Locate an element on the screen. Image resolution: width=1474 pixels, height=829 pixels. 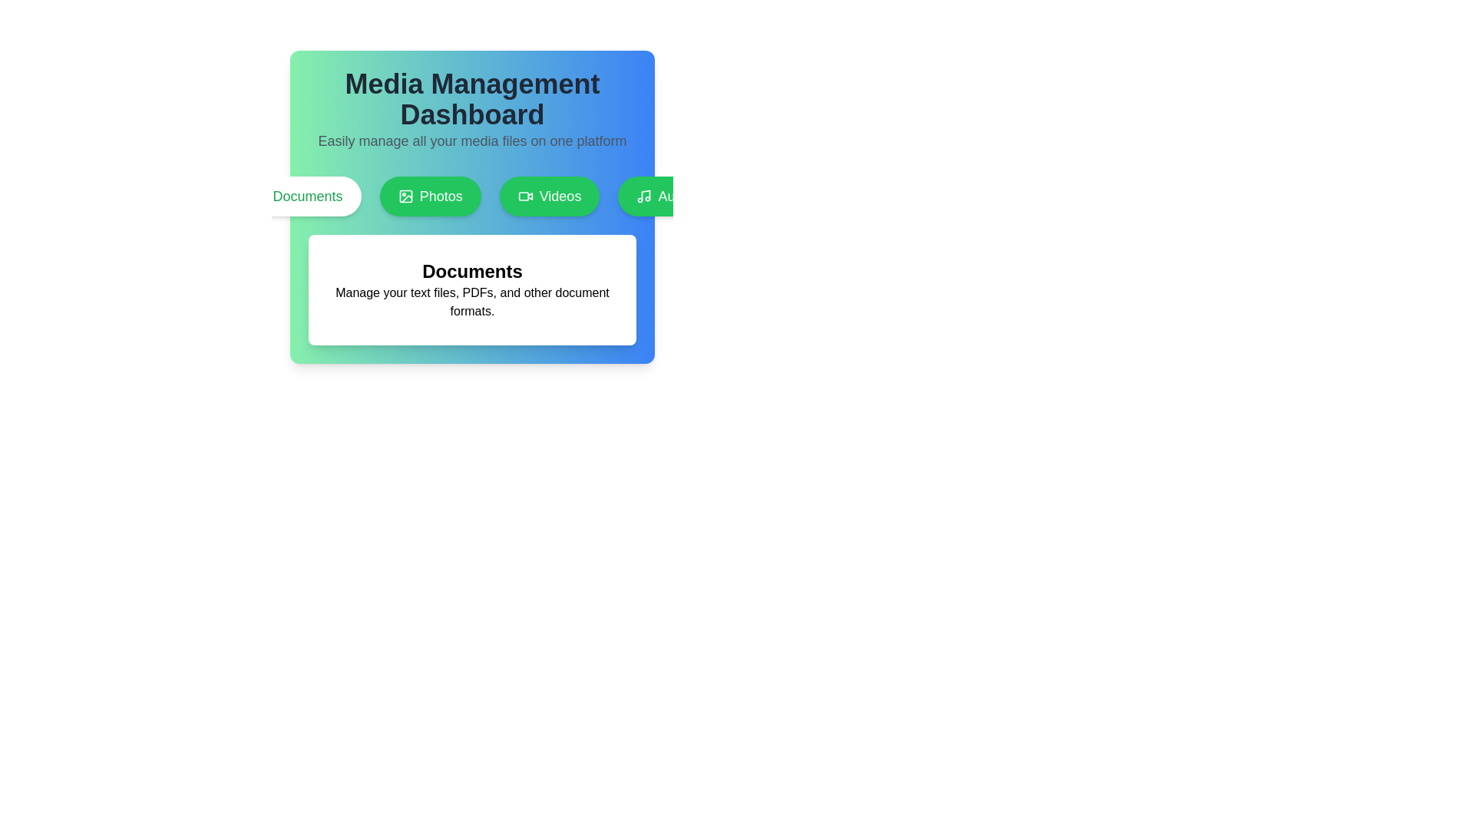
the 'Documents' text label located in the navigation bar of the Media Management Dashboard is located at coordinates (307, 195).